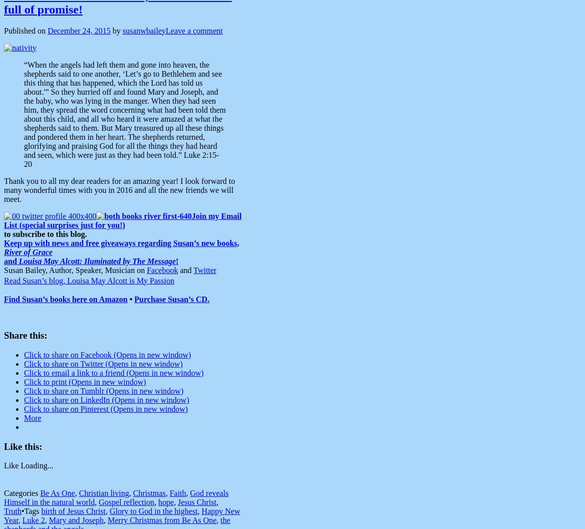  What do you see at coordinates (116, 30) in the screenshot?
I see `'by'` at bounding box center [116, 30].